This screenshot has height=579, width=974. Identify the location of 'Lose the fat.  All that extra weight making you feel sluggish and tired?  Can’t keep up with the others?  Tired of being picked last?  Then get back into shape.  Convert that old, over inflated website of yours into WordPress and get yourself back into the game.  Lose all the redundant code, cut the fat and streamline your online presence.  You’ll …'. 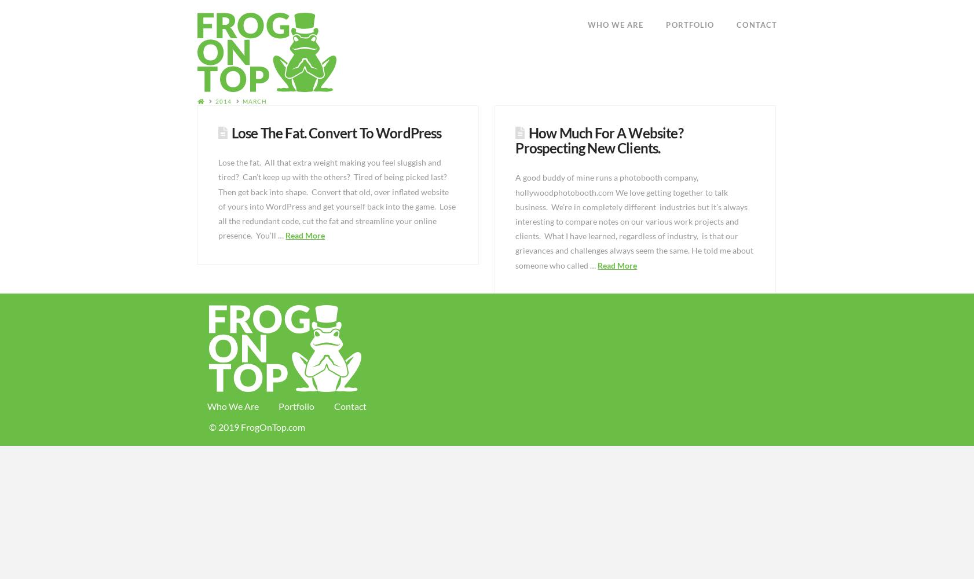
(336, 198).